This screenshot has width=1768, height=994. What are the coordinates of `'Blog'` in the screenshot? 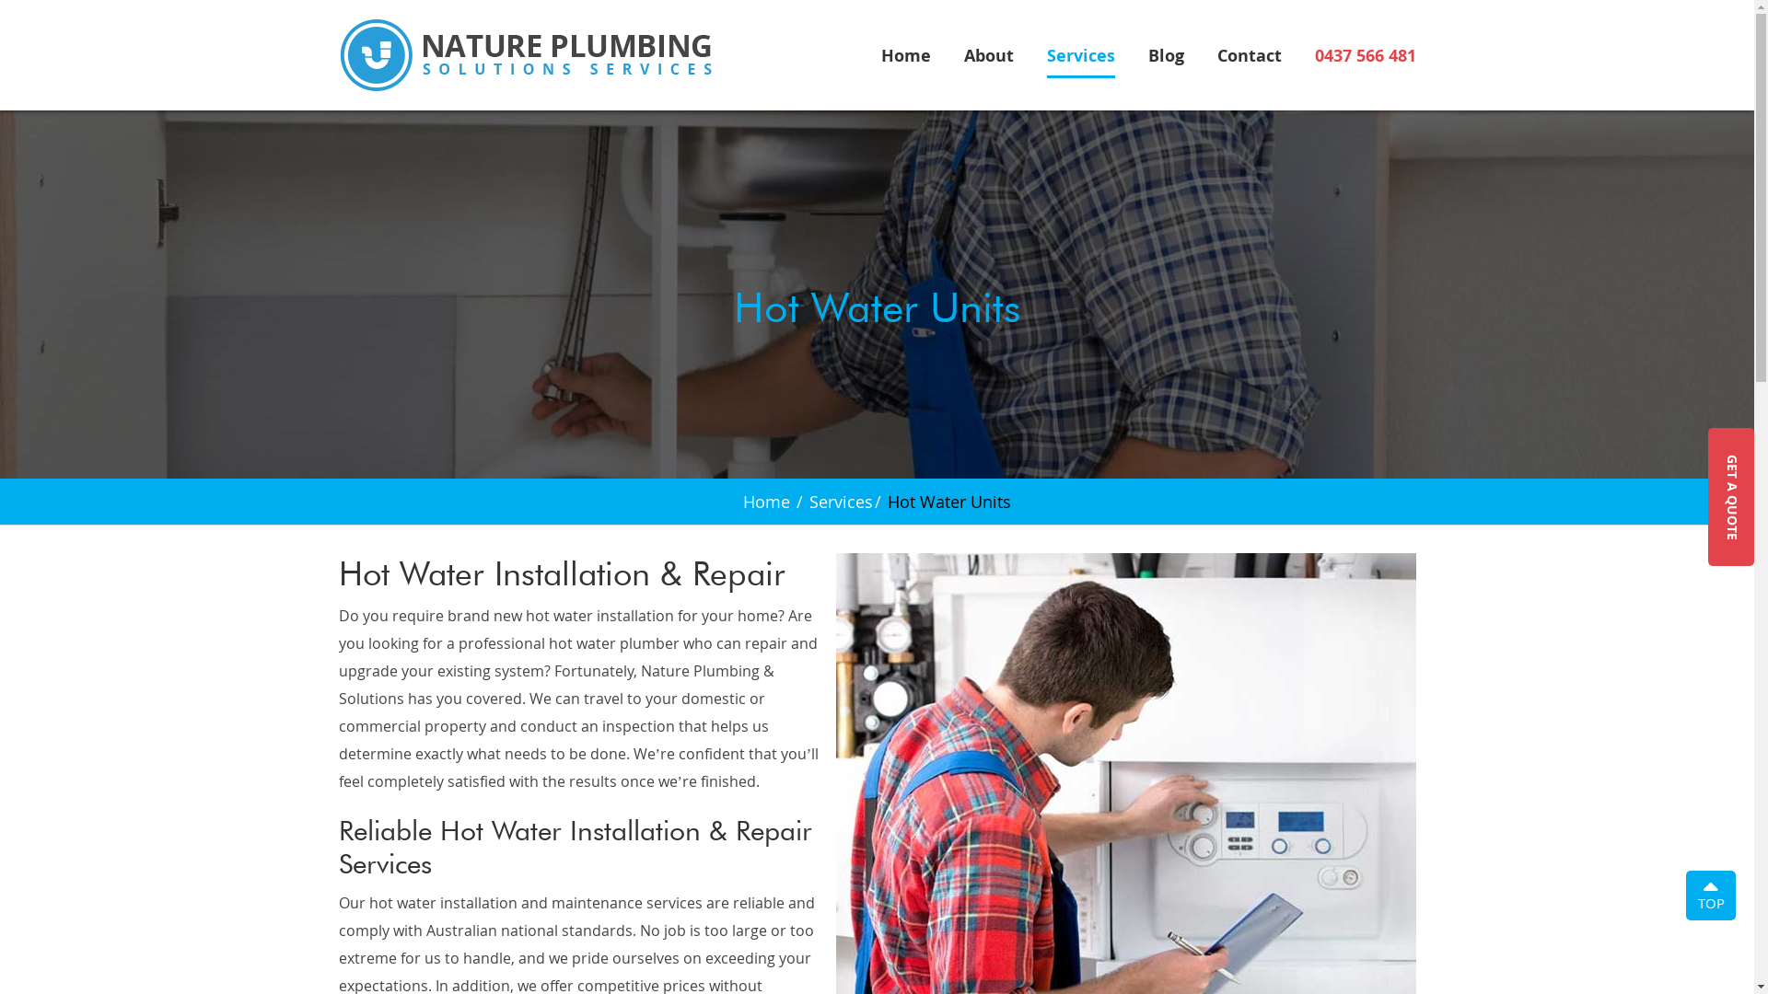 It's located at (1164, 59).